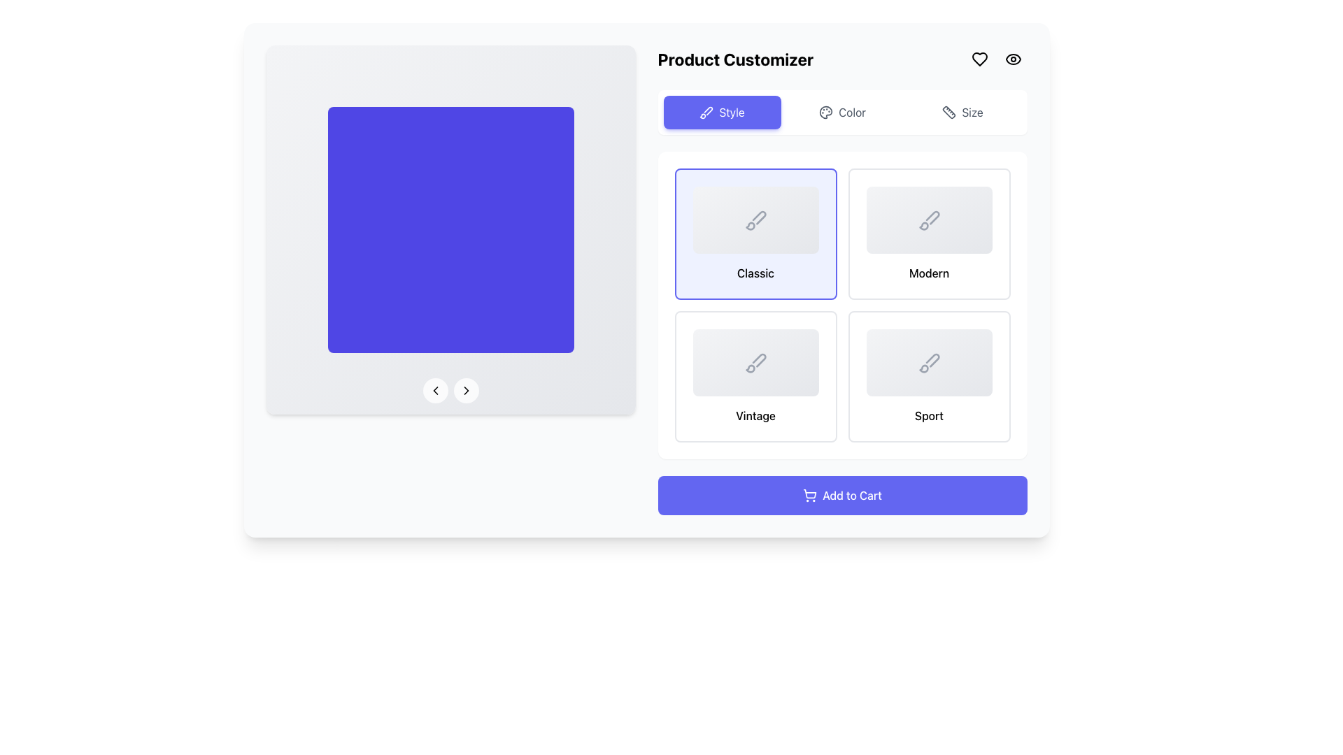 The image size is (1343, 755). What do you see at coordinates (466, 391) in the screenshot?
I see `the circular button with a right-pointing chevron icon` at bounding box center [466, 391].